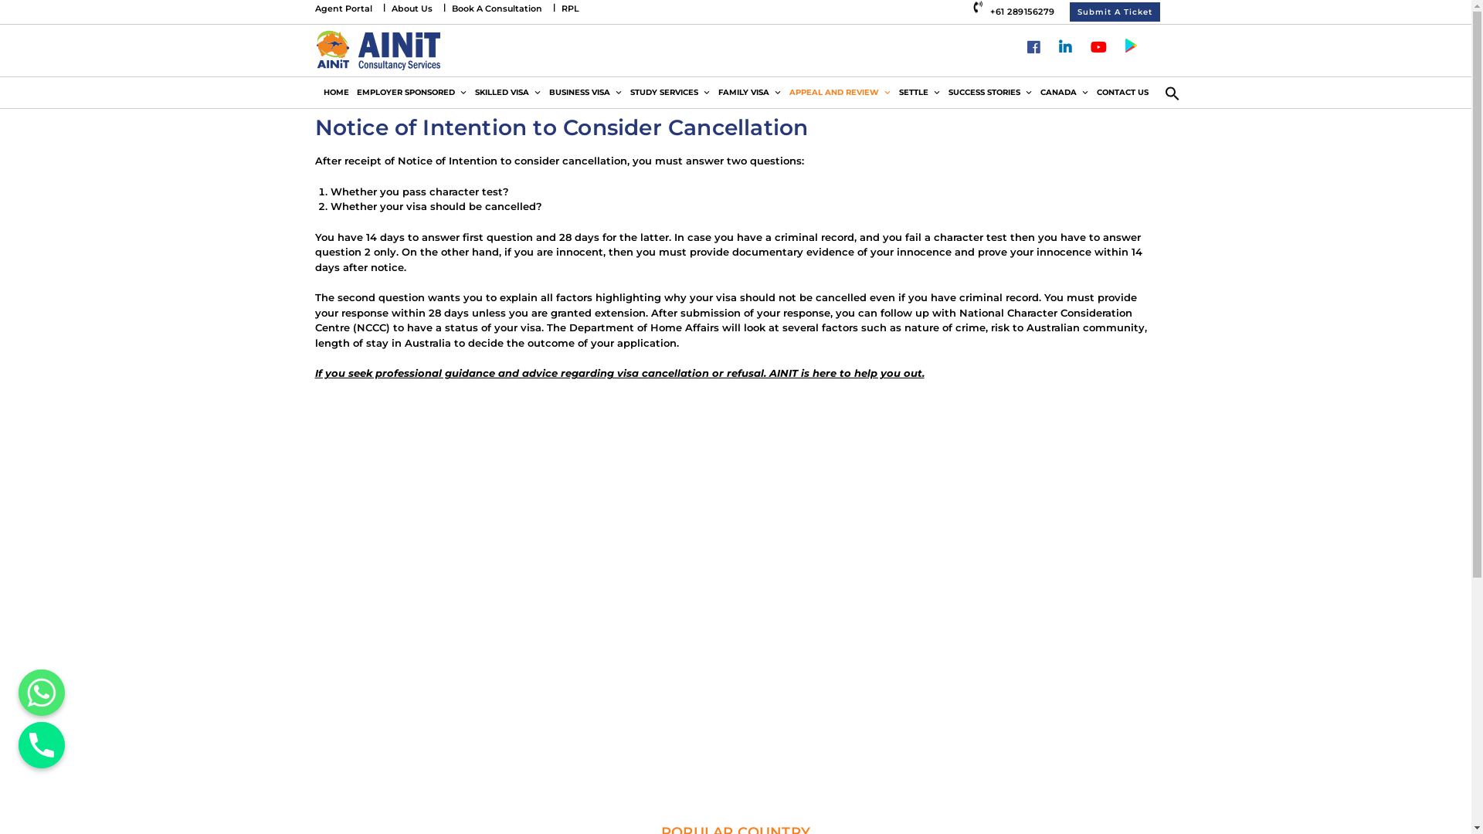  Describe the element at coordinates (989, 92) in the screenshot. I see `'SUCCESS STORIES'` at that location.